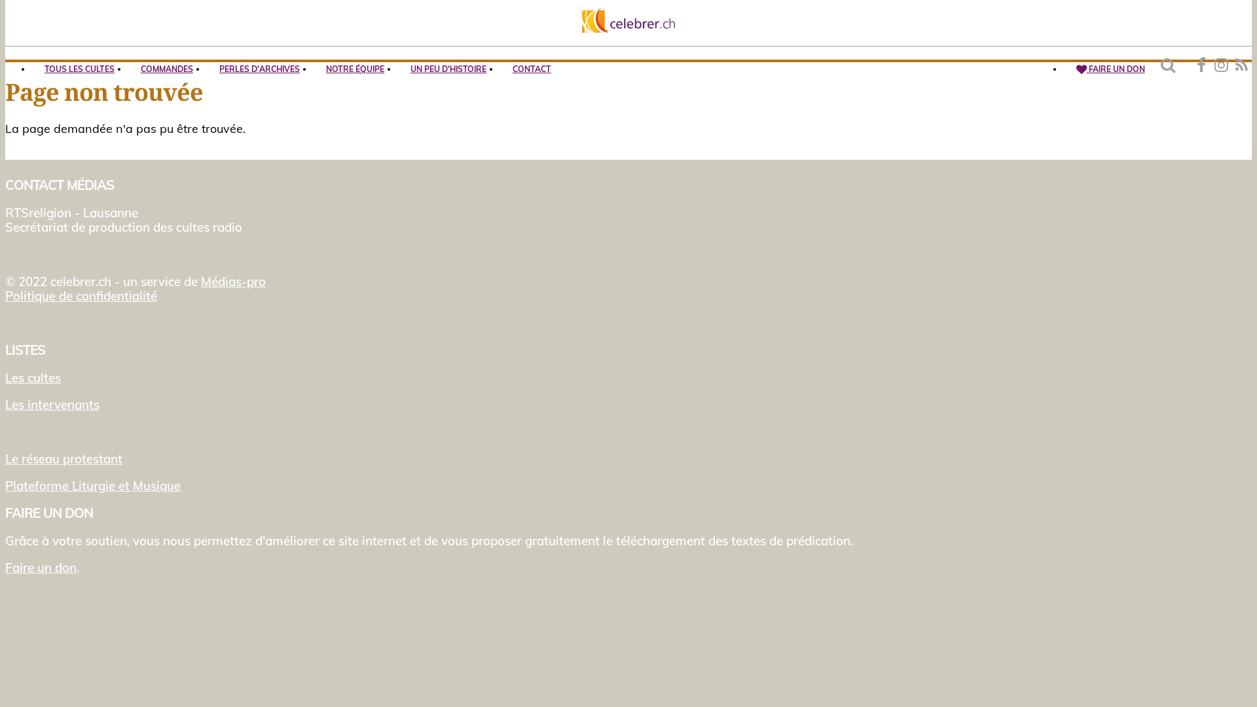 The height and width of the screenshot is (707, 1257). I want to click on 'Les cultes', so click(5, 378).